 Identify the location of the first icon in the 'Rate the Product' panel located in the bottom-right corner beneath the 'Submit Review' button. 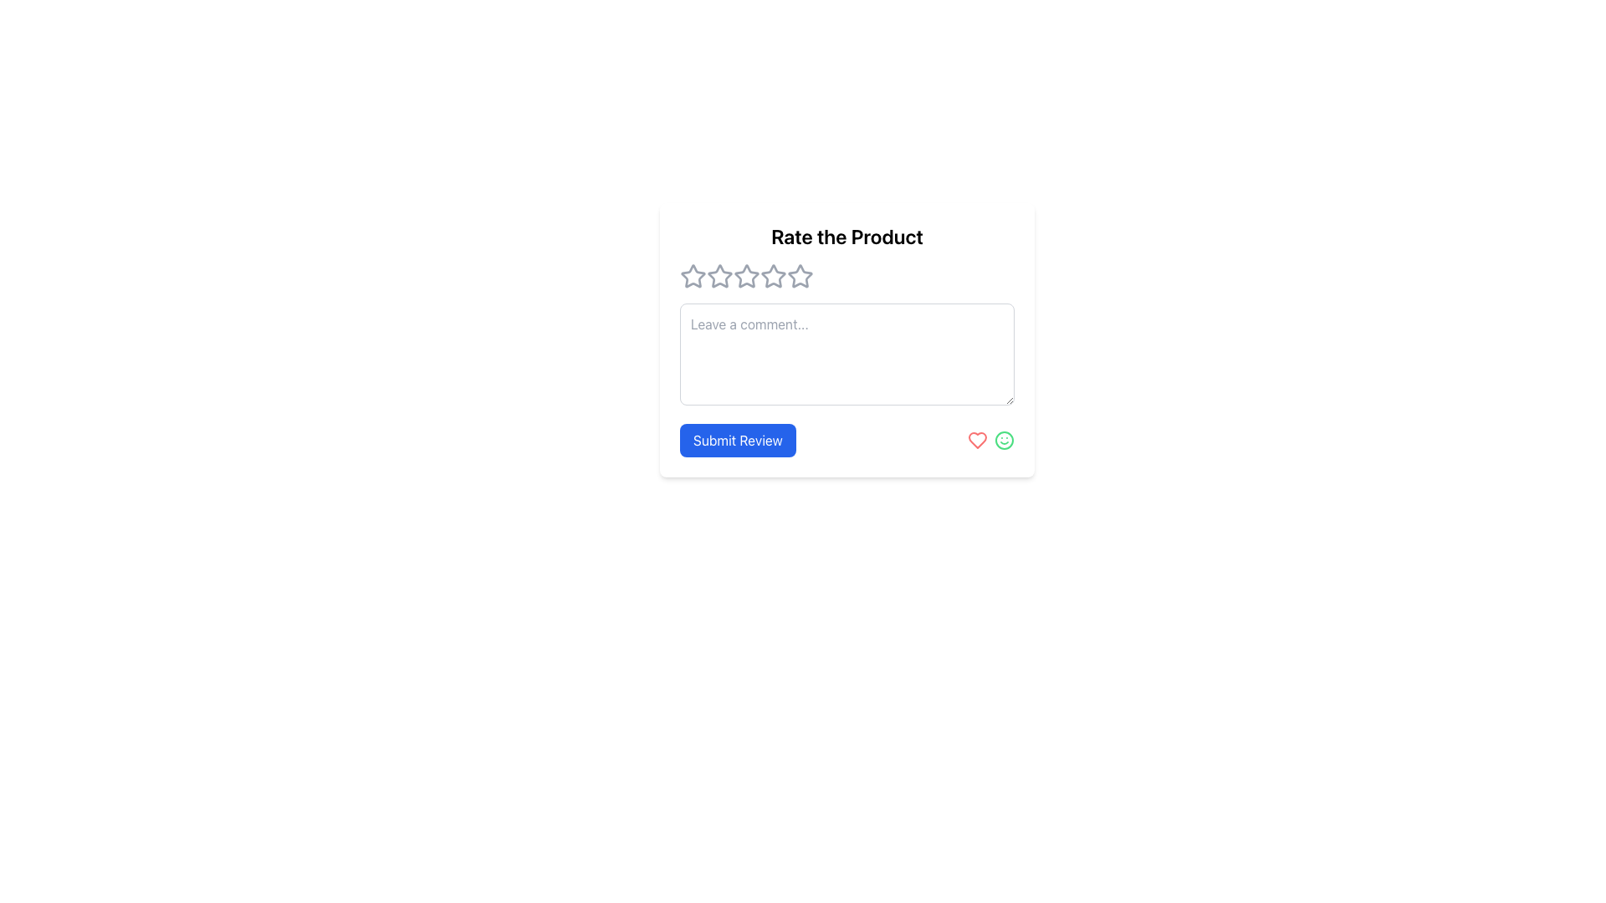
(978, 440).